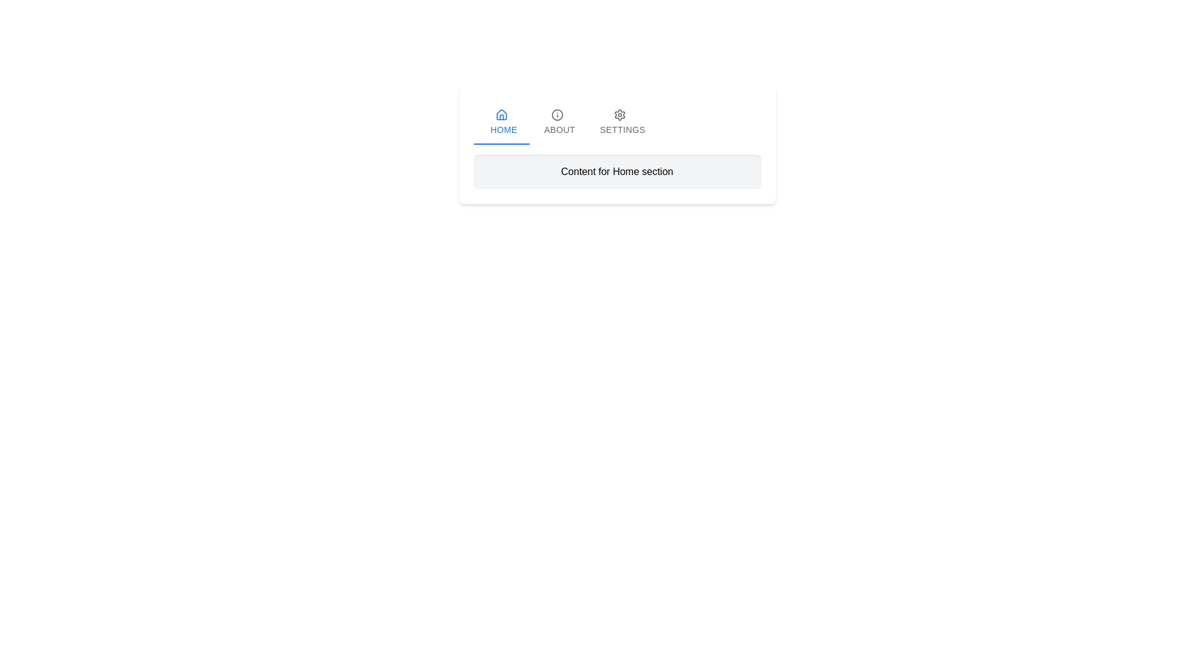 This screenshot has height=668, width=1188. I want to click on the visual state of the blue house icon located in the 'Home' tab button, positioned above the text 'Home', so click(501, 115).